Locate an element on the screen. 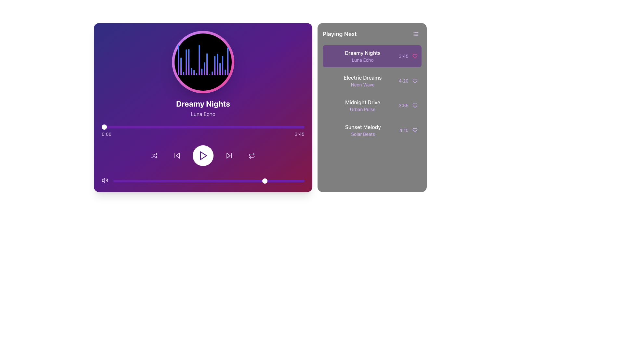 This screenshot has height=351, width=624. the first static bar indicator in the audio equalizer, which represents audio volume or frequency intensity is located at coordinates (178, 60).